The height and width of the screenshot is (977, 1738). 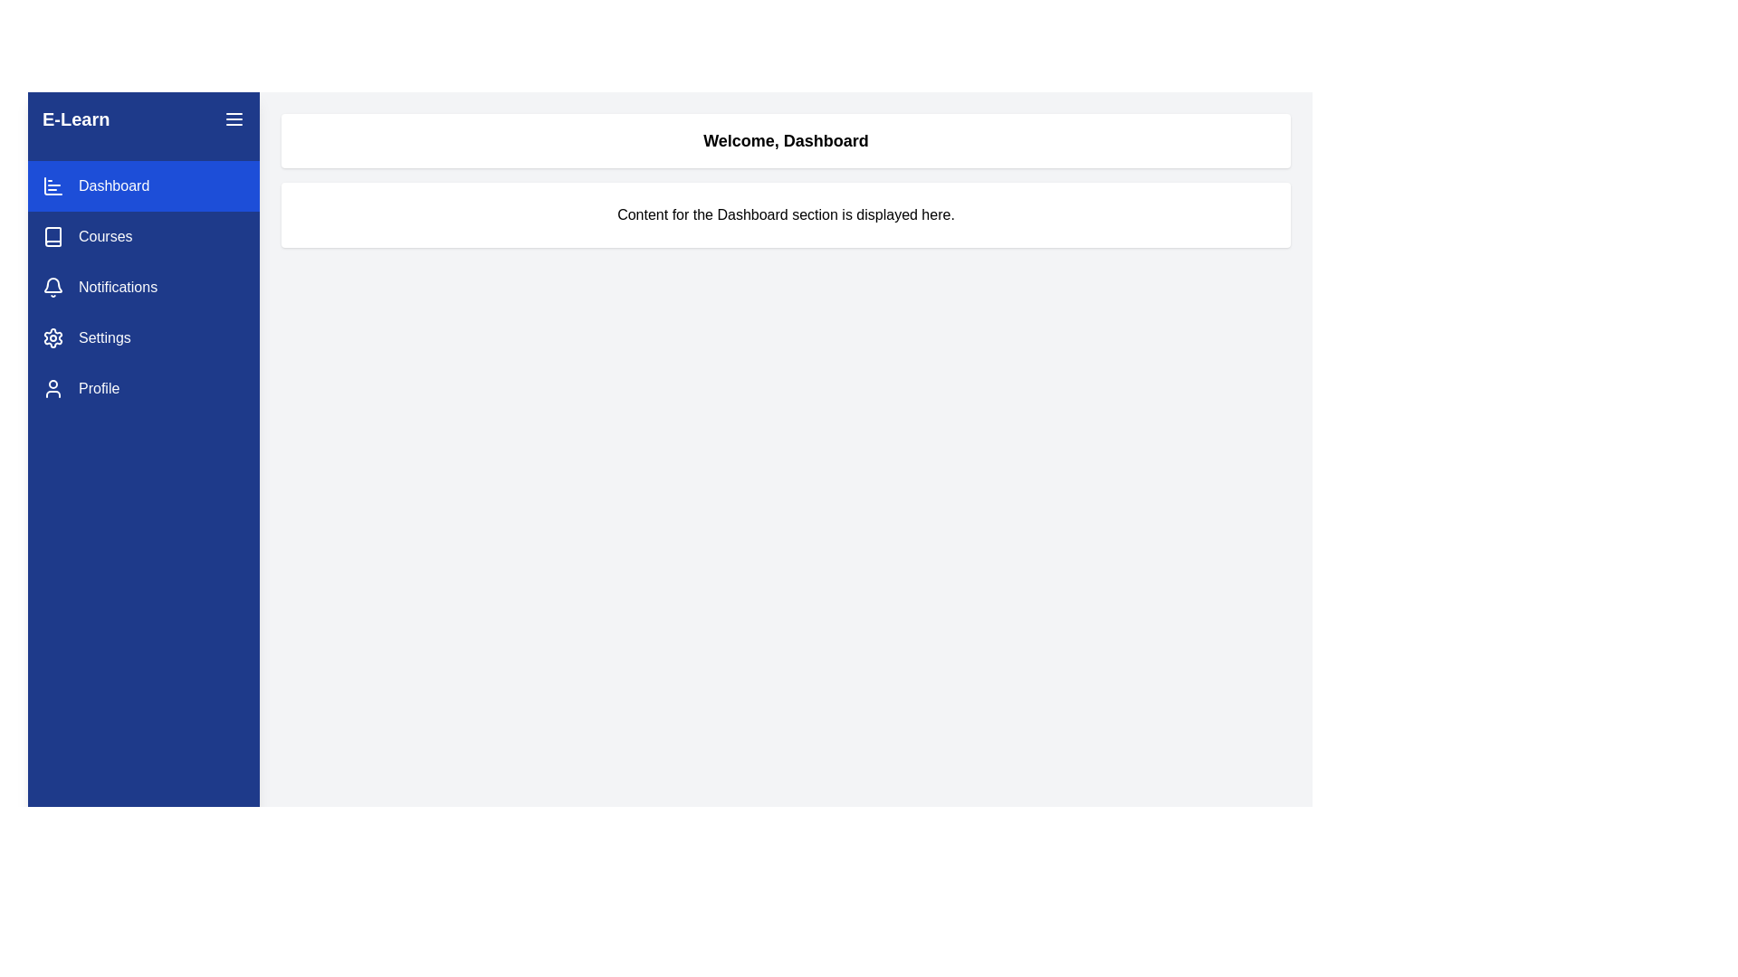 I want to click on the gear-shaped settings icon located in the sidebar menu, so click(x=53, y=338).